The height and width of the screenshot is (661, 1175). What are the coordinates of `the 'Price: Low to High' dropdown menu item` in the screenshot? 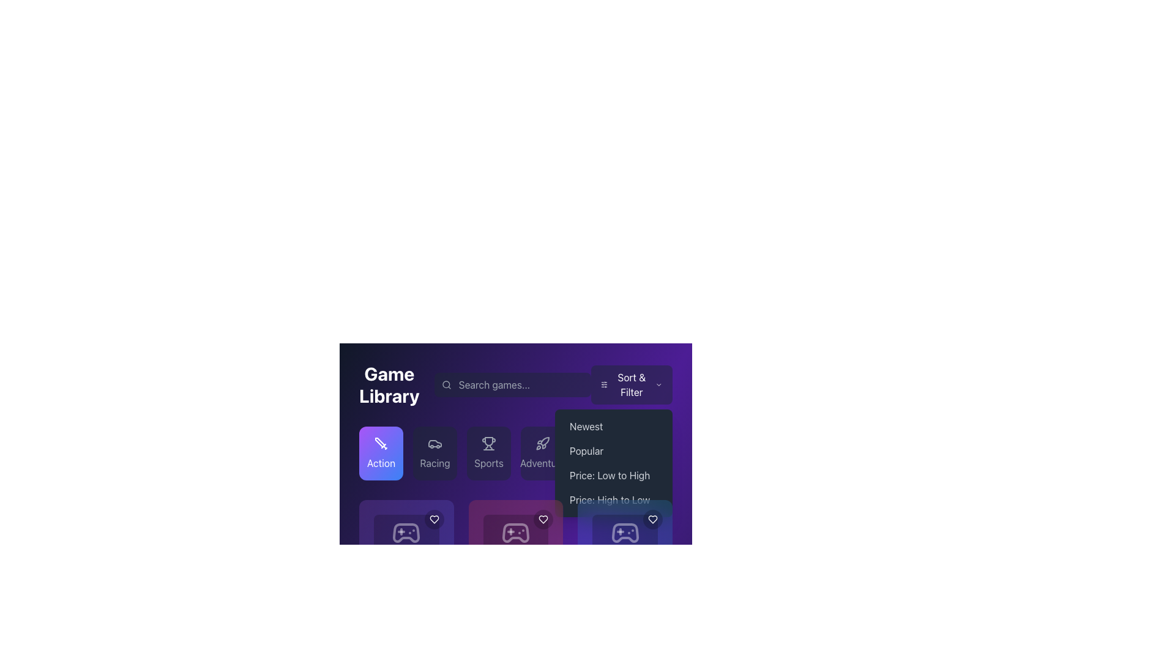 It's located at (614, 474).